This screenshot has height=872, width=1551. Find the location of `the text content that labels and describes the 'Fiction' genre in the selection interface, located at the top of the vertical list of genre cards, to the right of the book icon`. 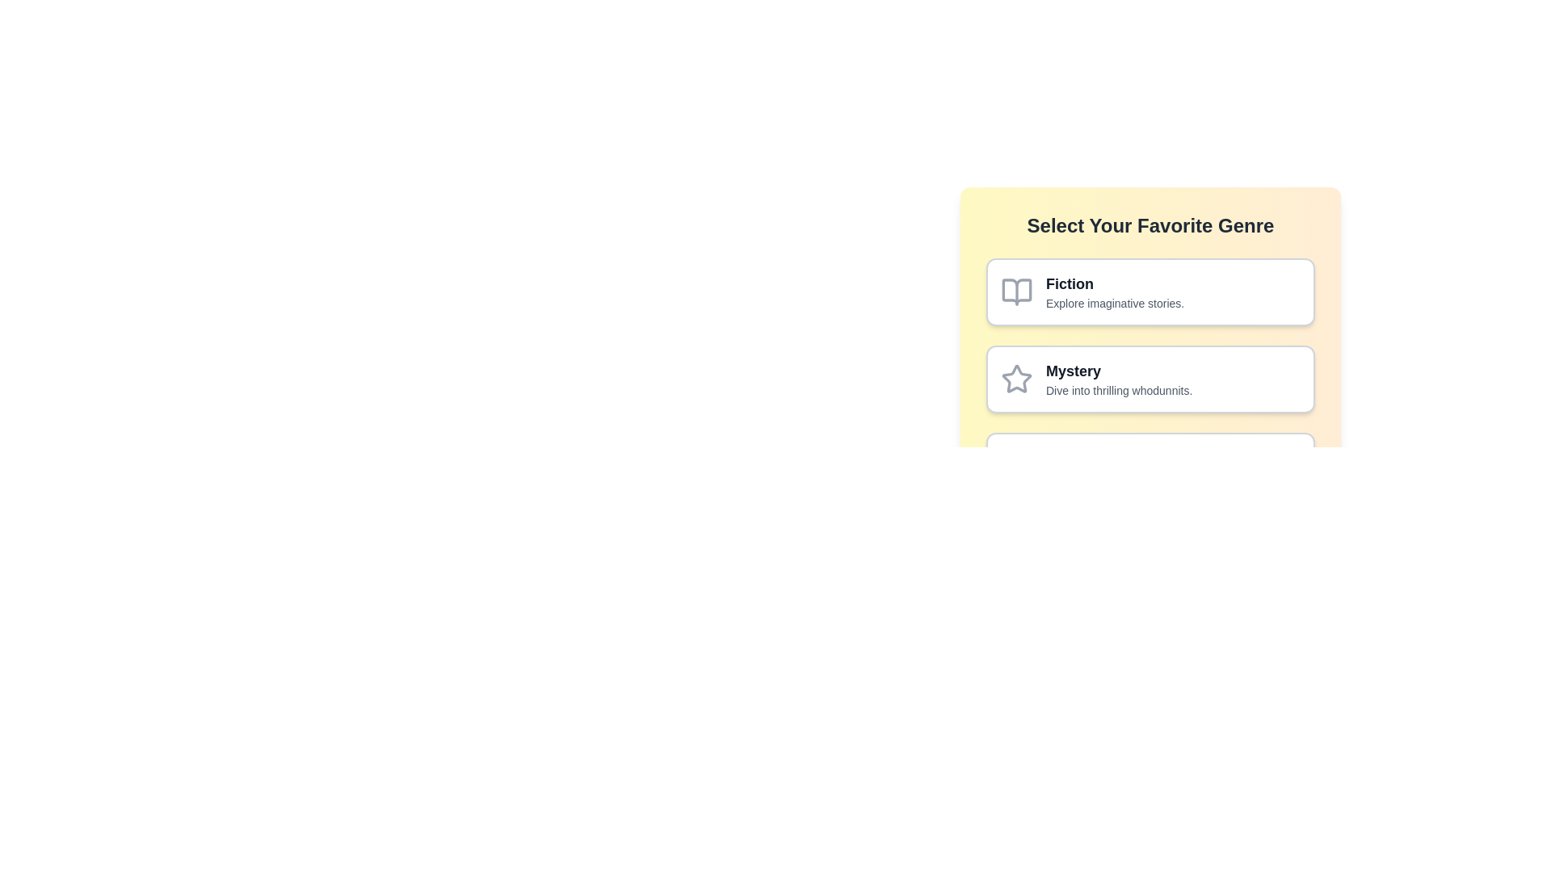

the text content that labels and describes the 'Fiction' genre in the selection interface, located at the top of the vertical list of genre cards, to the right of the book icon is located at coordinates (1114, 292).